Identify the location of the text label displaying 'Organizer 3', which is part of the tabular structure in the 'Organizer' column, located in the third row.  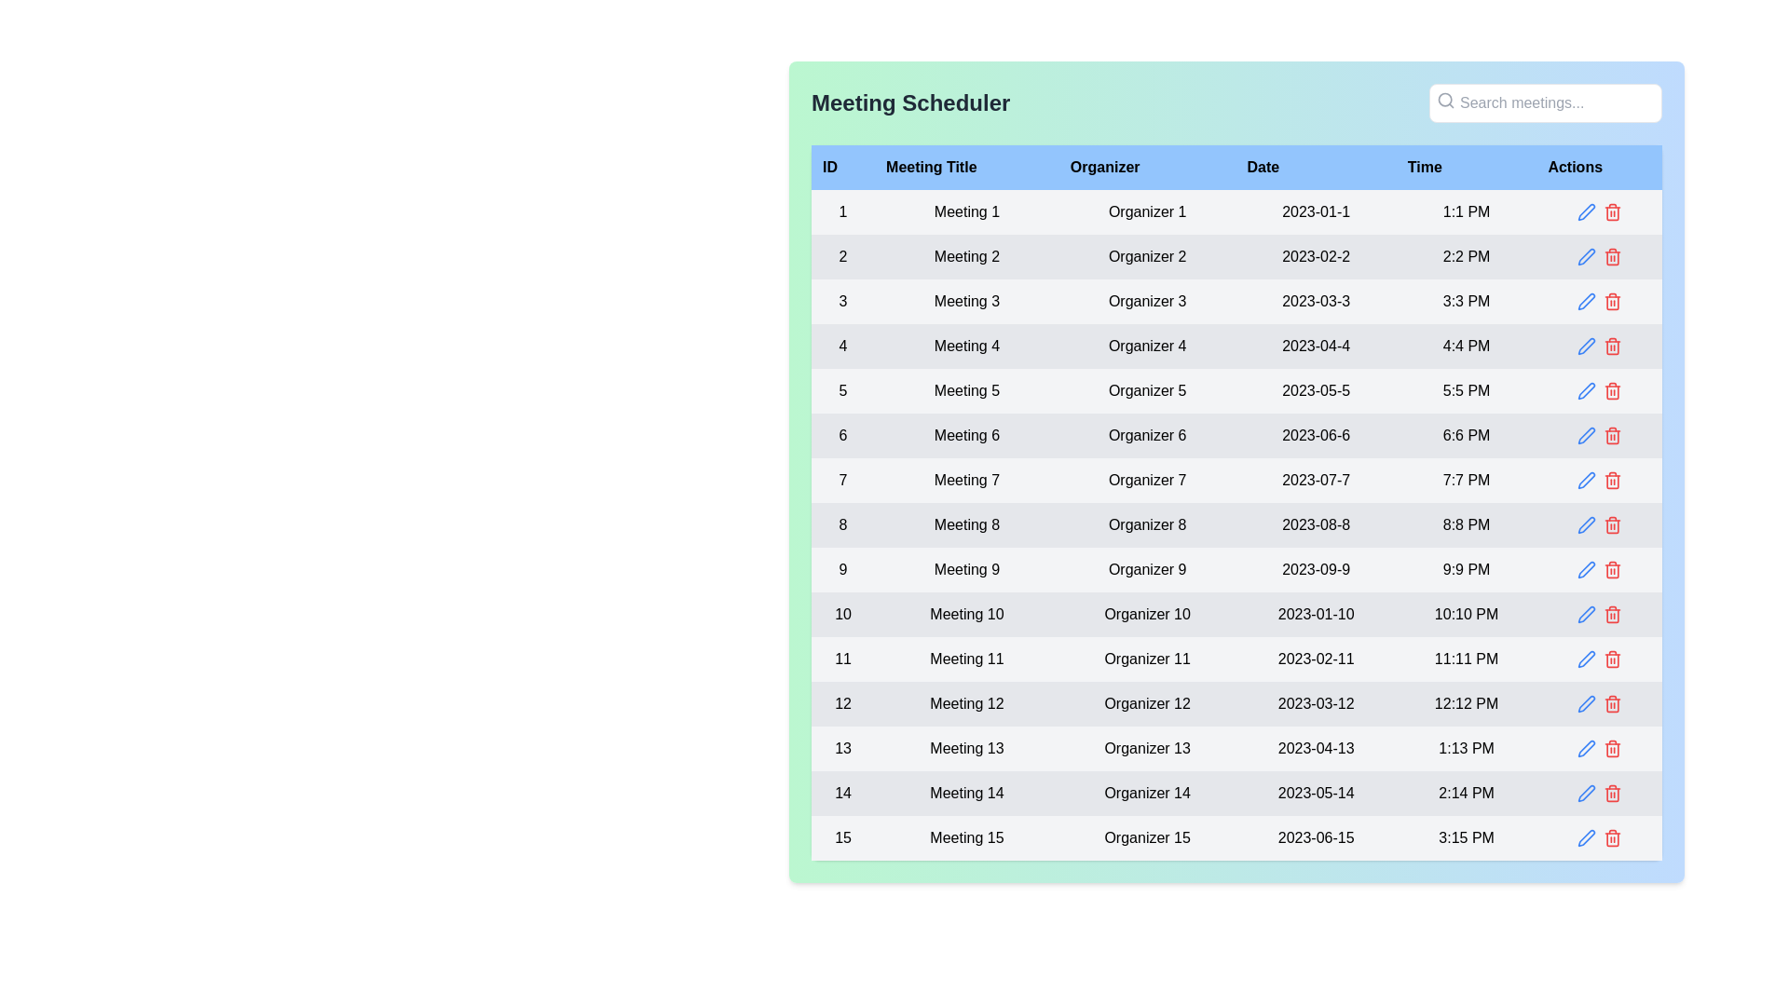
(1146, 301).